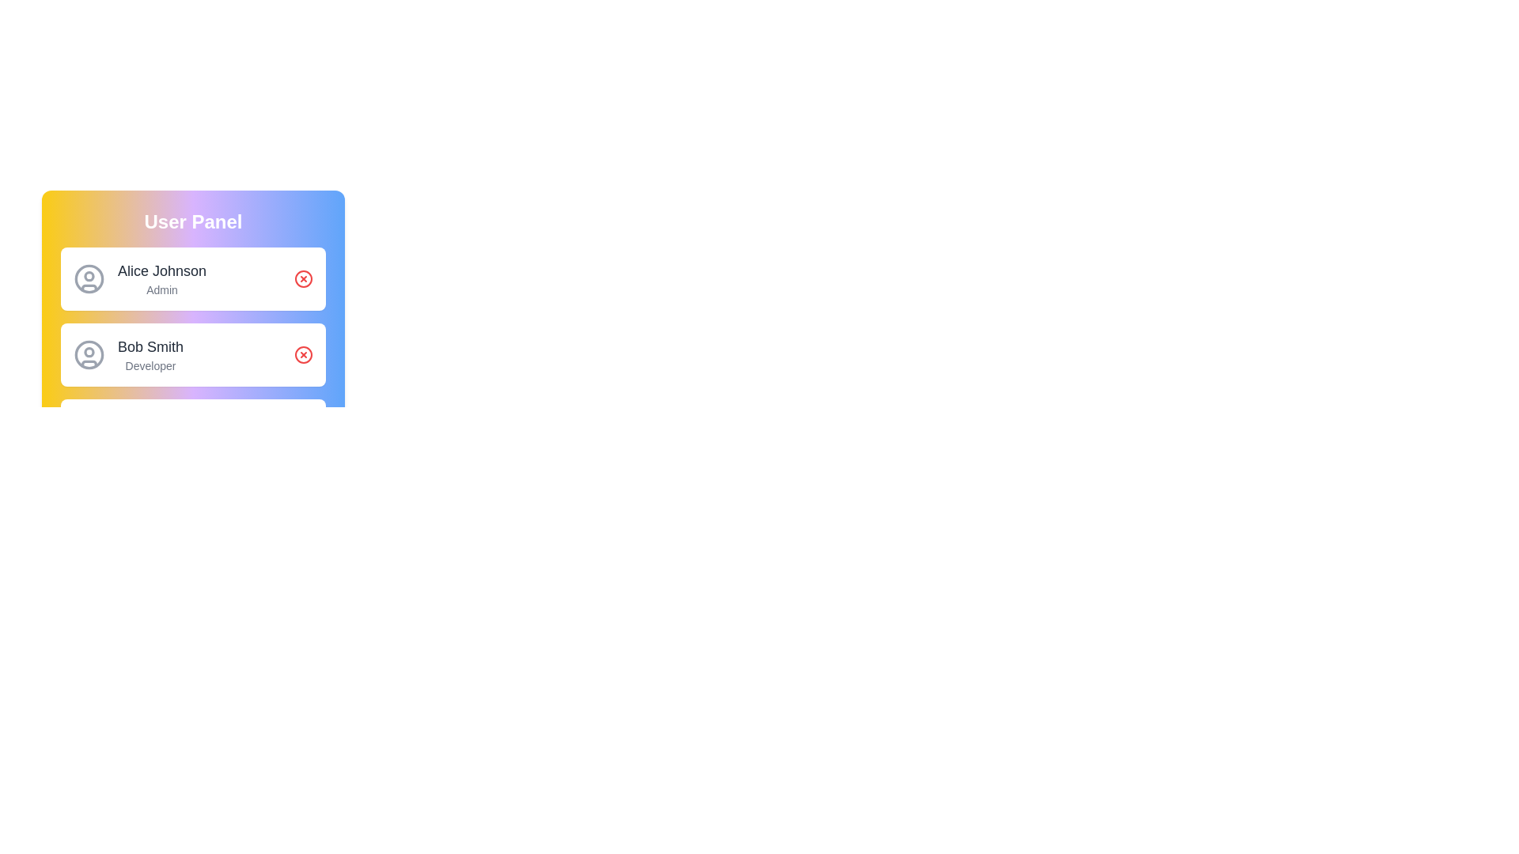  I want to click on the close button associated with the user 'Alice Johnson' entry, so click(304, 278).